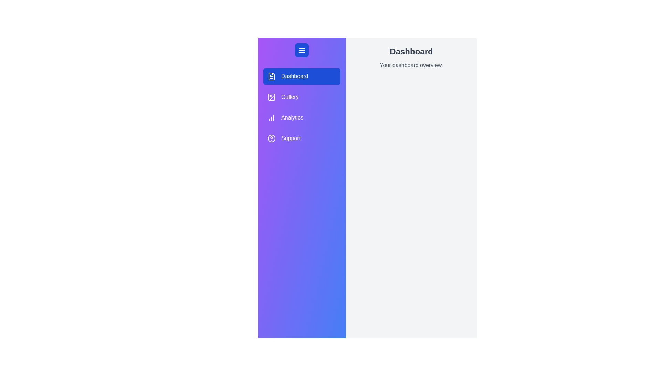 The width and height of the screenshot is (661, 372). Describe the element at coordinates (302, 76) in the screenshot. I see `the menu item labeled 'Dashboard' to highlight it` at that location.